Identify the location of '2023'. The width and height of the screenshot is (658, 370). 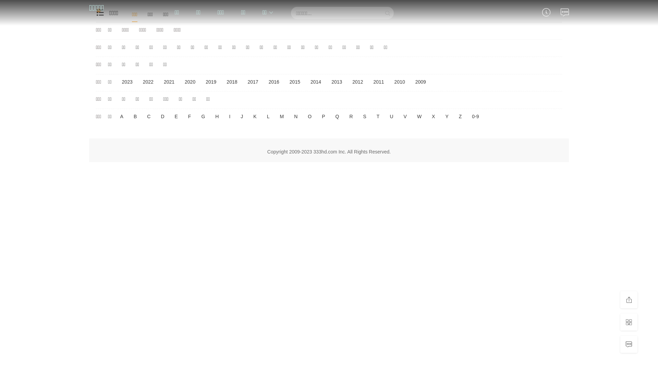
(127, 82).